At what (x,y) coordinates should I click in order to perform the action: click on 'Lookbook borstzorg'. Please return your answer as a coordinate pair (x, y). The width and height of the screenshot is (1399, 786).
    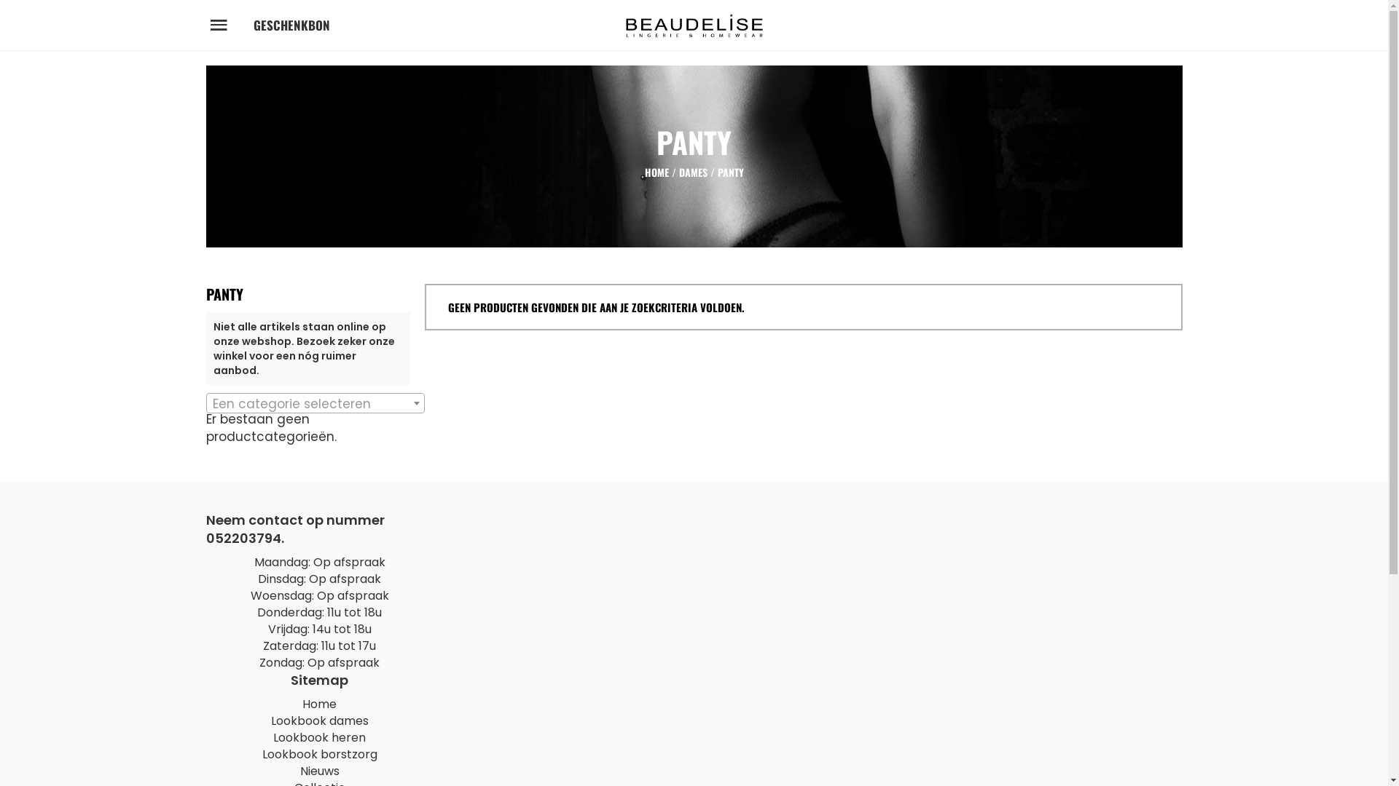
    Looking at the image, I should click on (318, 753).